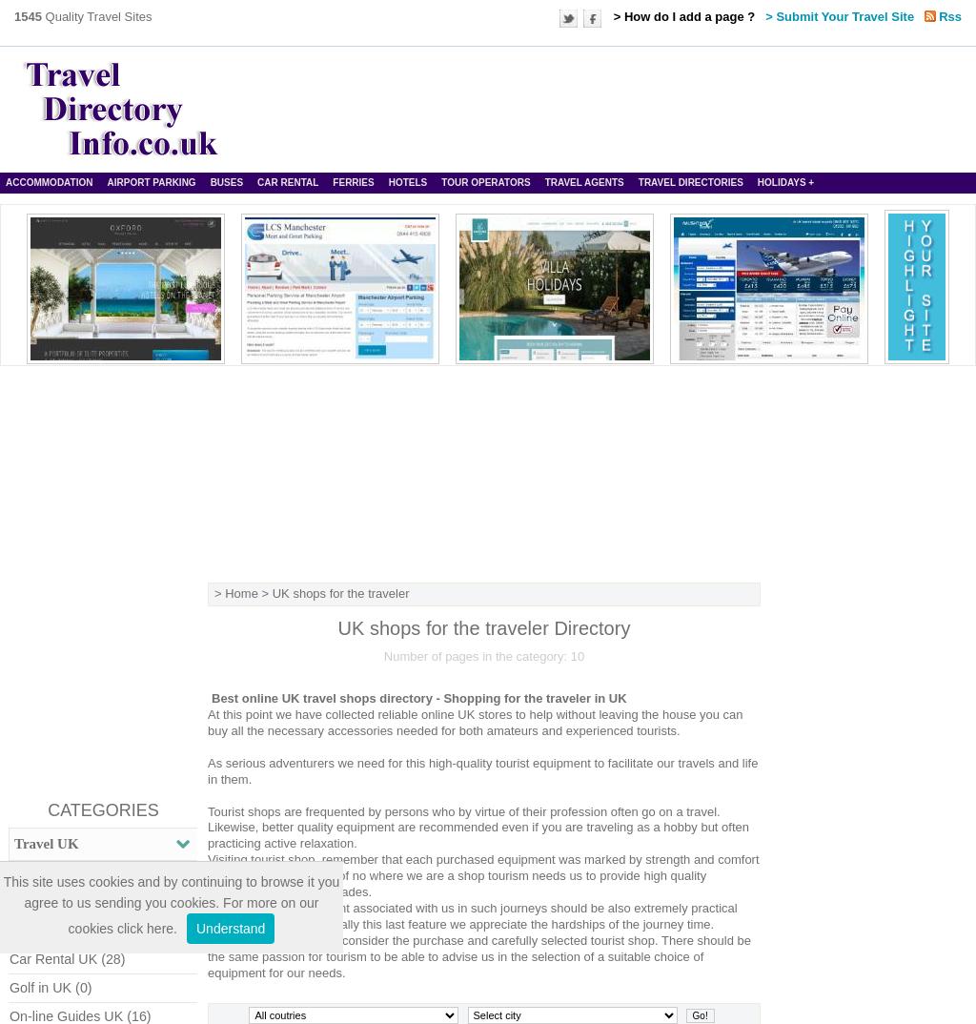 This screenshot has width=976, height=1024. I want to click on 'Number of pages in the category: 10', so click(482, 654).